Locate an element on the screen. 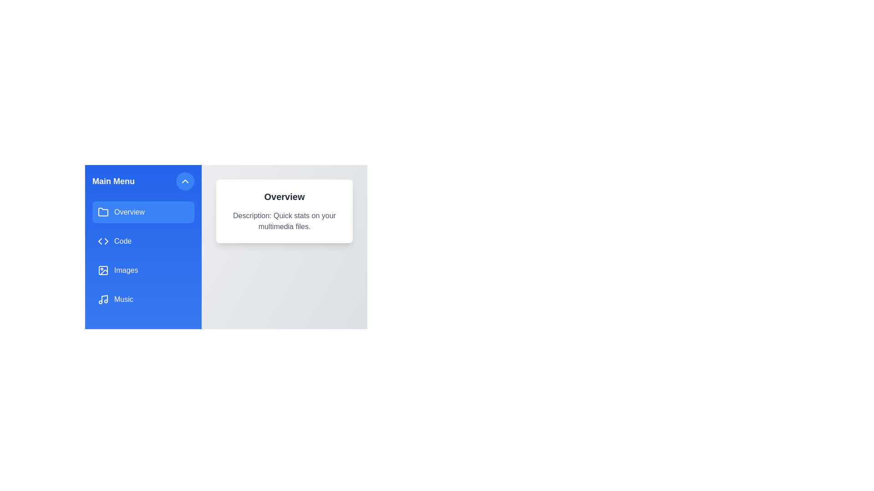 The width and height of the screenshot is (874, 491). text block that states 'Description: Quick stats on your multimedia files.' located within a white rectangular card below the header 'Overview' is located at coordinates (284, 221).